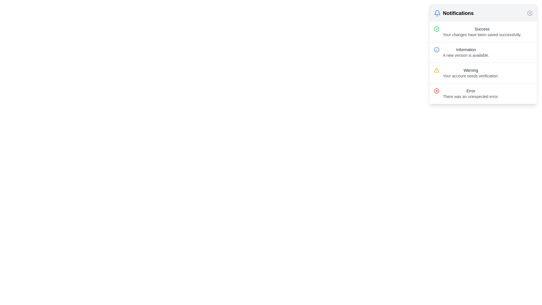  Describe the element at coordinates (482, 32) in the screenshot. I see `the notification message confirming that changes have been successfully saved, which is the first item in the notification panel, located next to a green checkmark icon` at that location.